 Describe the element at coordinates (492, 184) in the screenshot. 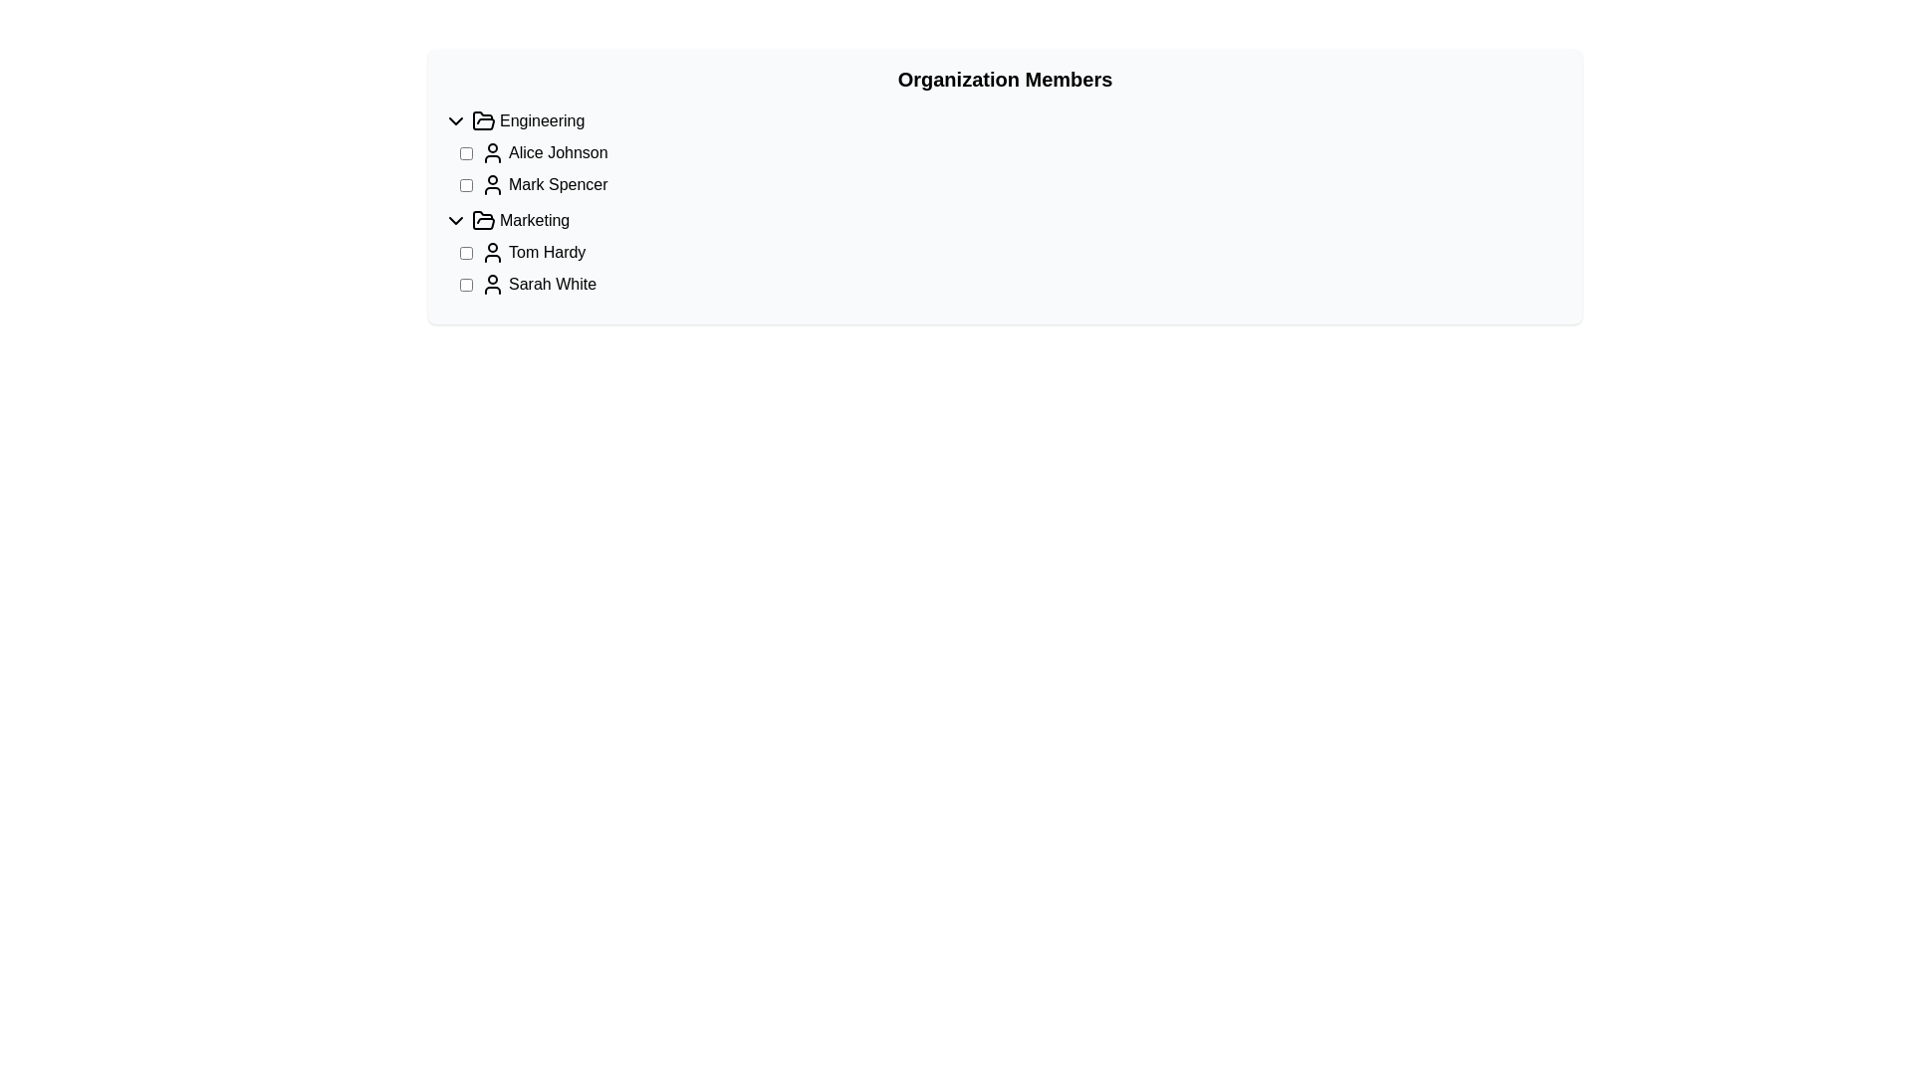

I see `the user silhouette icon associated with 'Mark Spencer', located between the checkbox and the user's name` at that location.